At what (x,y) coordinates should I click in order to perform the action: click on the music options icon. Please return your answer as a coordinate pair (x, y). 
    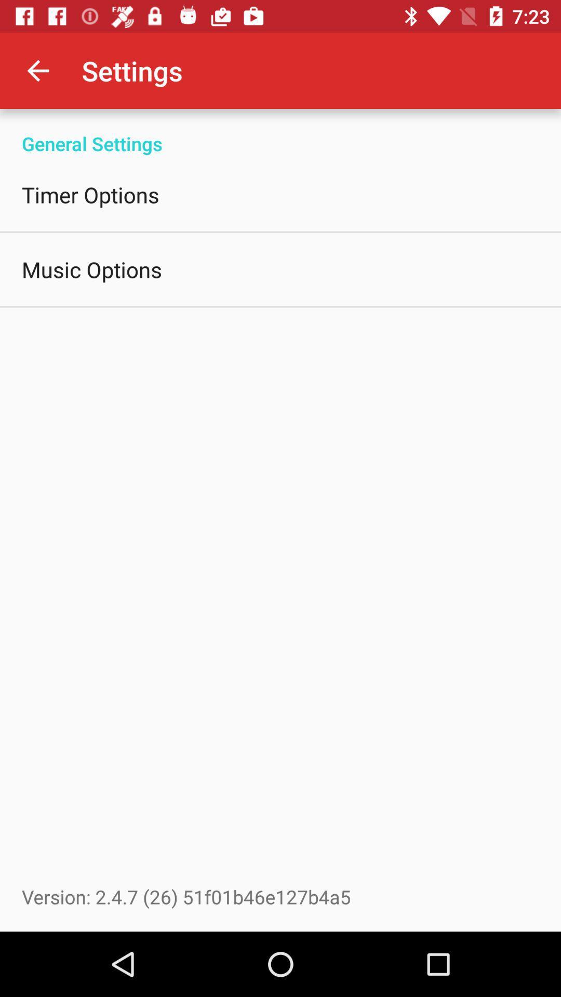
    Looking at the image, I should click on (91, 269).